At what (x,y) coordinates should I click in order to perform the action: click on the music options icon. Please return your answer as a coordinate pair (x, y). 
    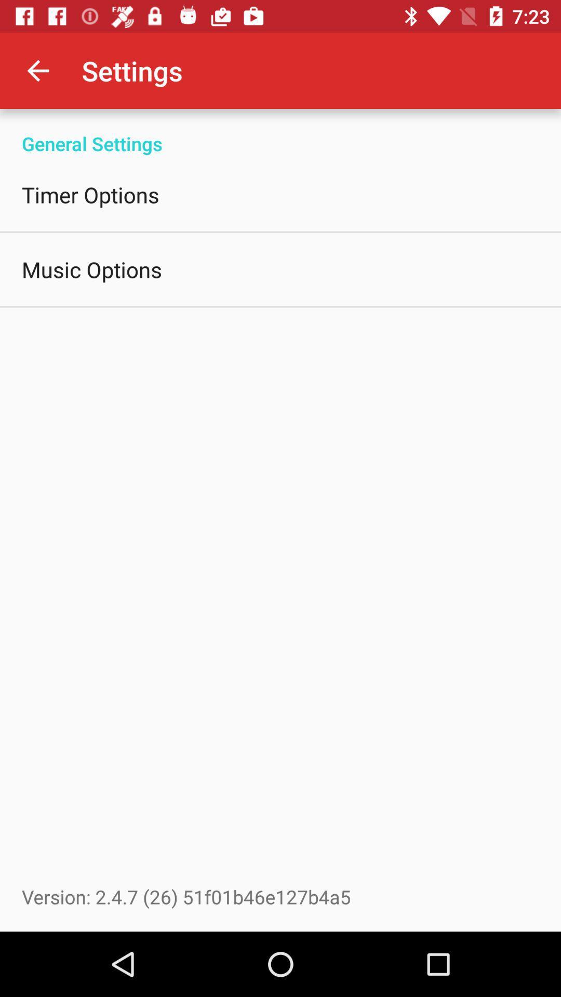
    Looking at the image, I should click on (91, 269).